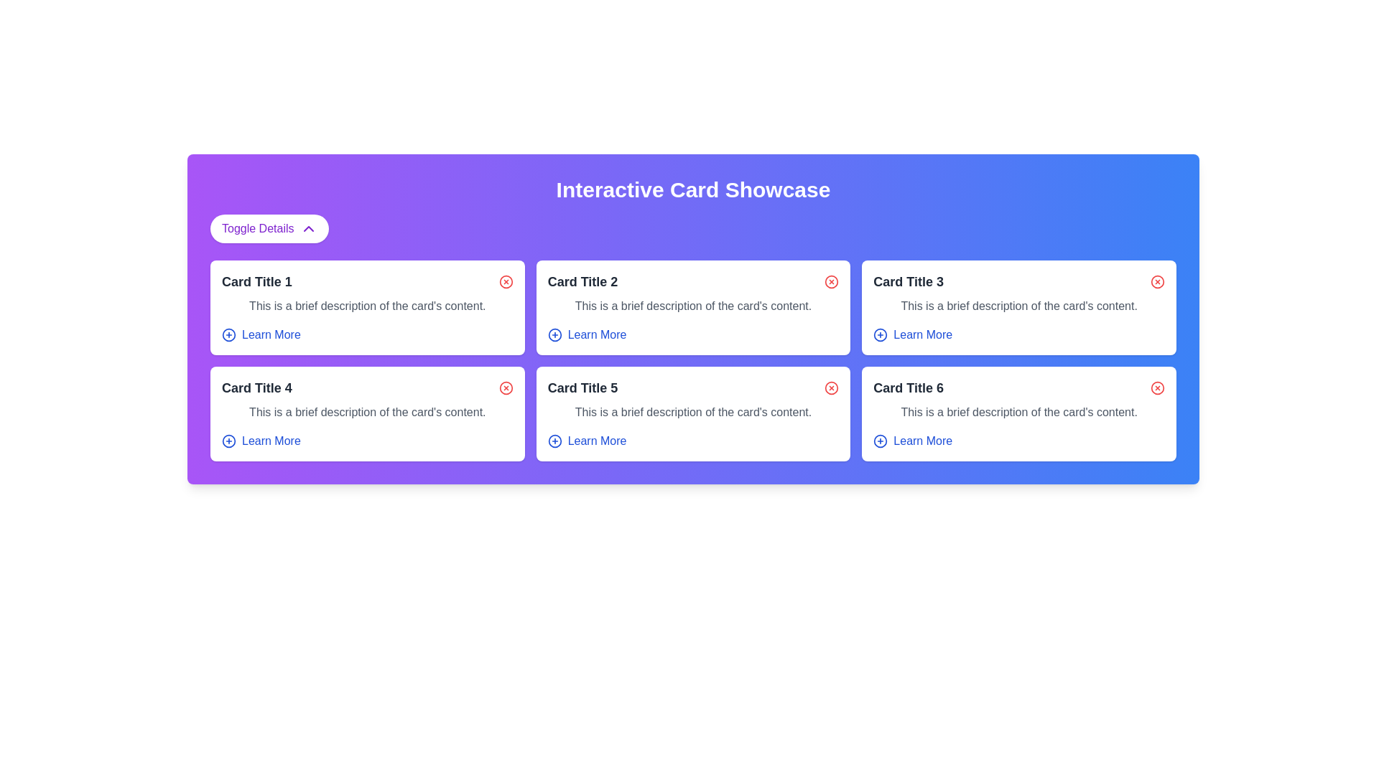 The width and height of the screenshot is (1379, 775). What do you see at coordinates (506, 387) in the screenshot?
I see `the circular element with a red border, part of the close button icon located in the top-right corner of the 'Card Title 4' card` at bounding box center [506, 387].